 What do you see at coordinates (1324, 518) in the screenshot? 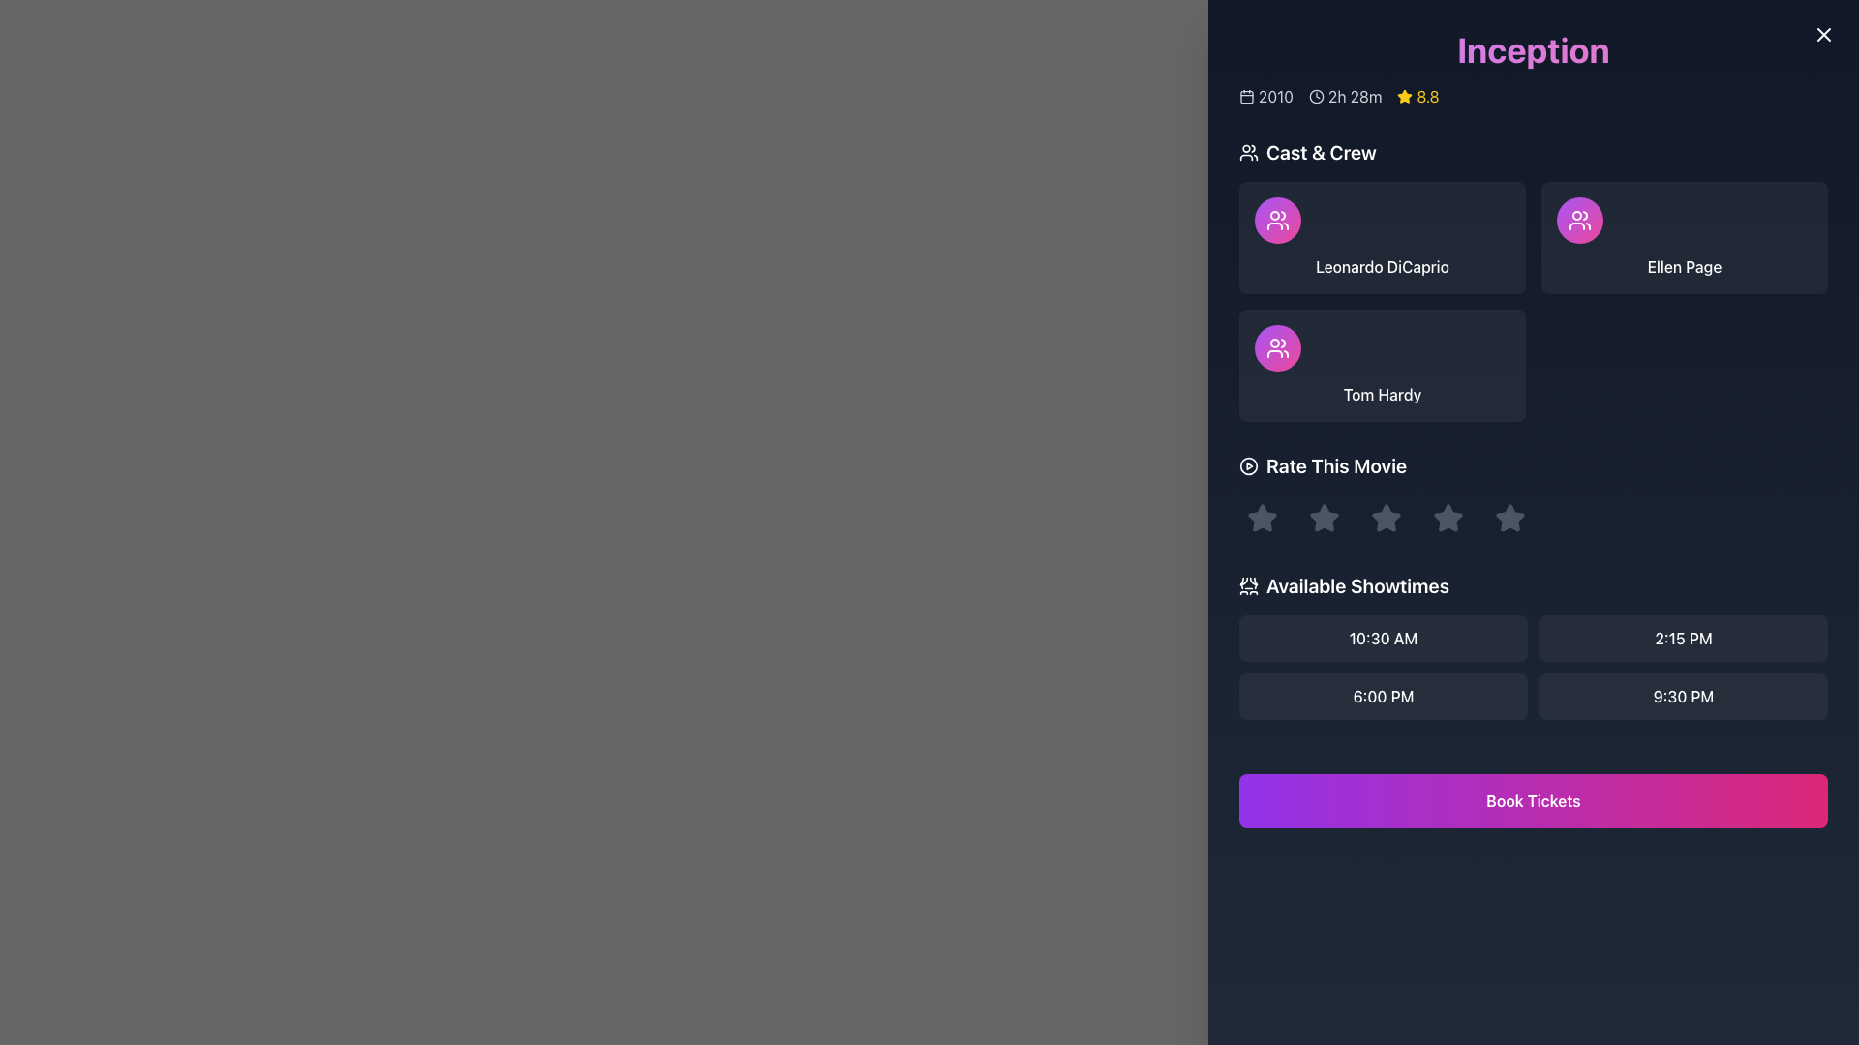
I see `the second star in the five-star rating system` at bounding box center [1324, 518].